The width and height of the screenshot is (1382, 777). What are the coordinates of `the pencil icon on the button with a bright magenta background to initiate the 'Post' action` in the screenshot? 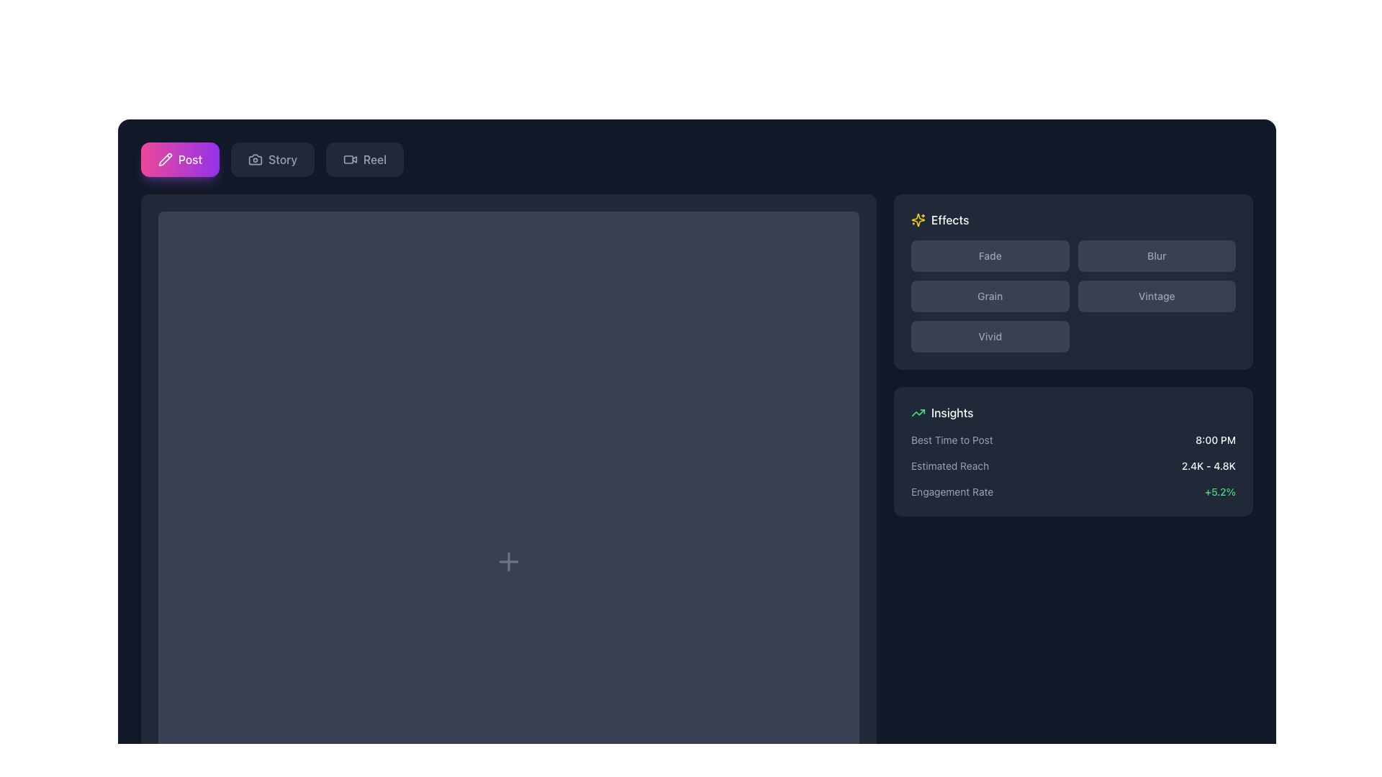 It's located at (166, 160).